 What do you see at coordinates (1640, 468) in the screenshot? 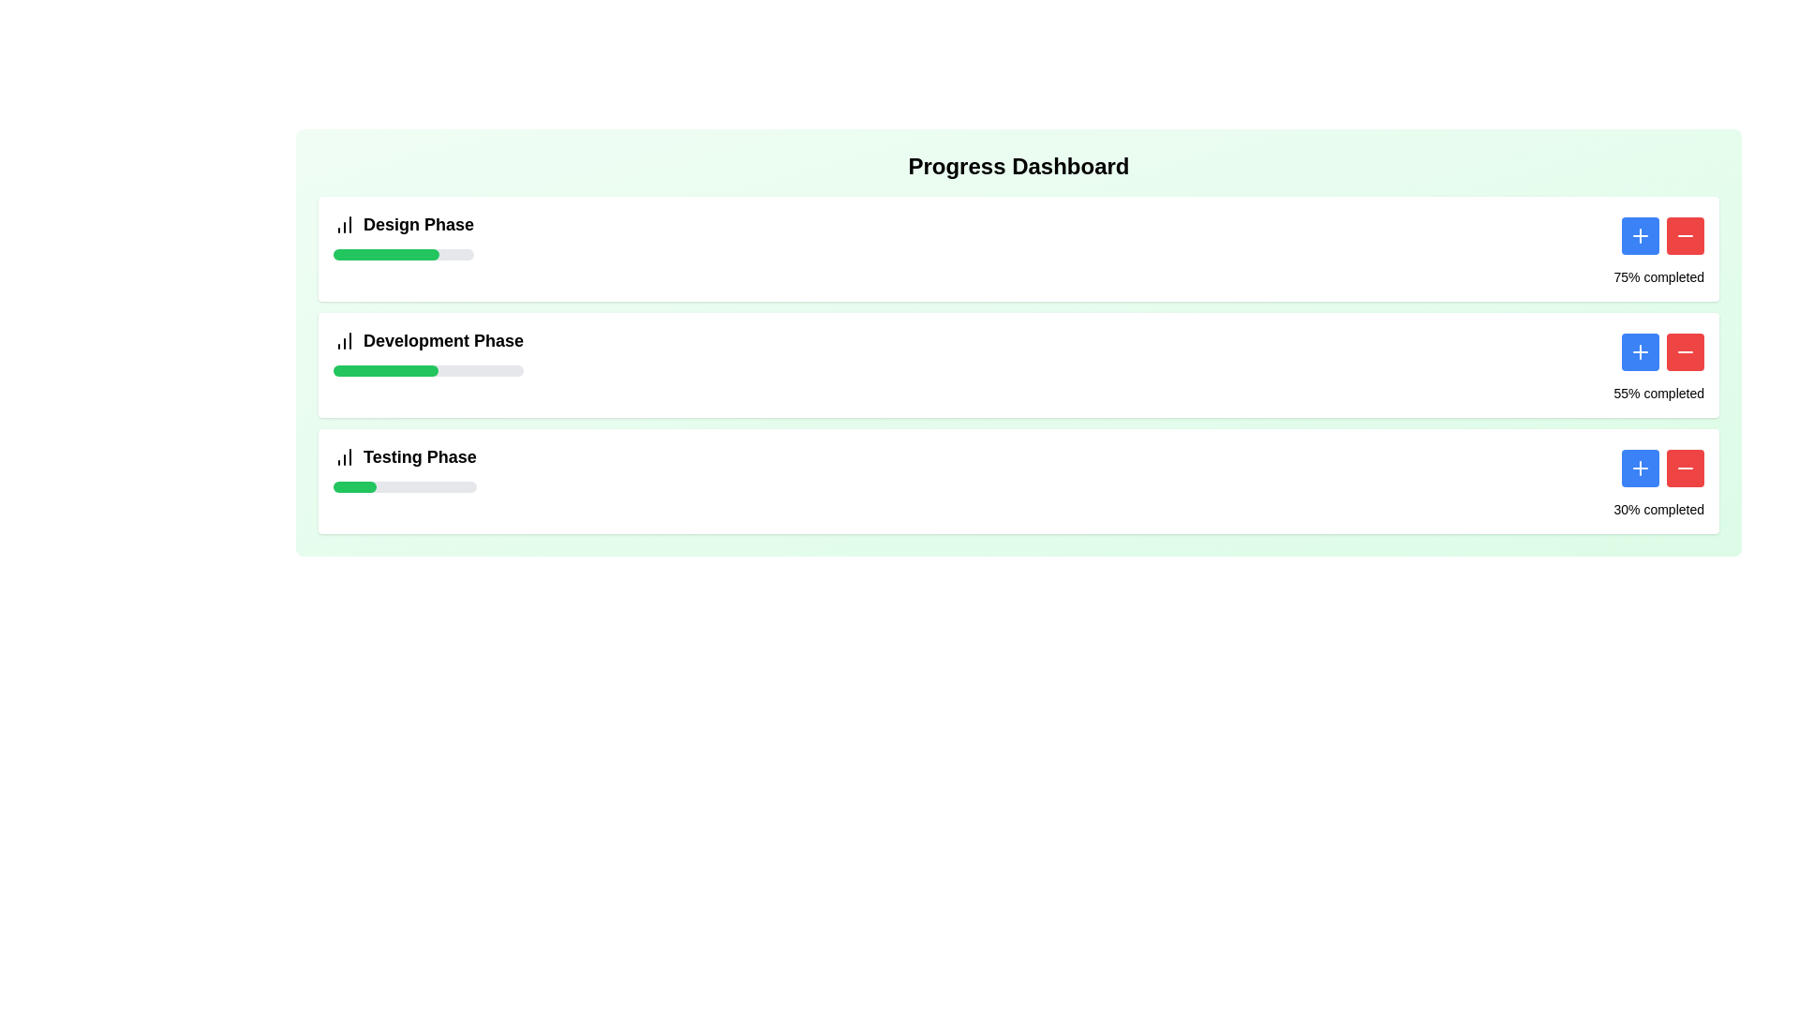
I see `the blue button with rounded corners and a white plus symbol in the center` at bounding box center [1640, 468].